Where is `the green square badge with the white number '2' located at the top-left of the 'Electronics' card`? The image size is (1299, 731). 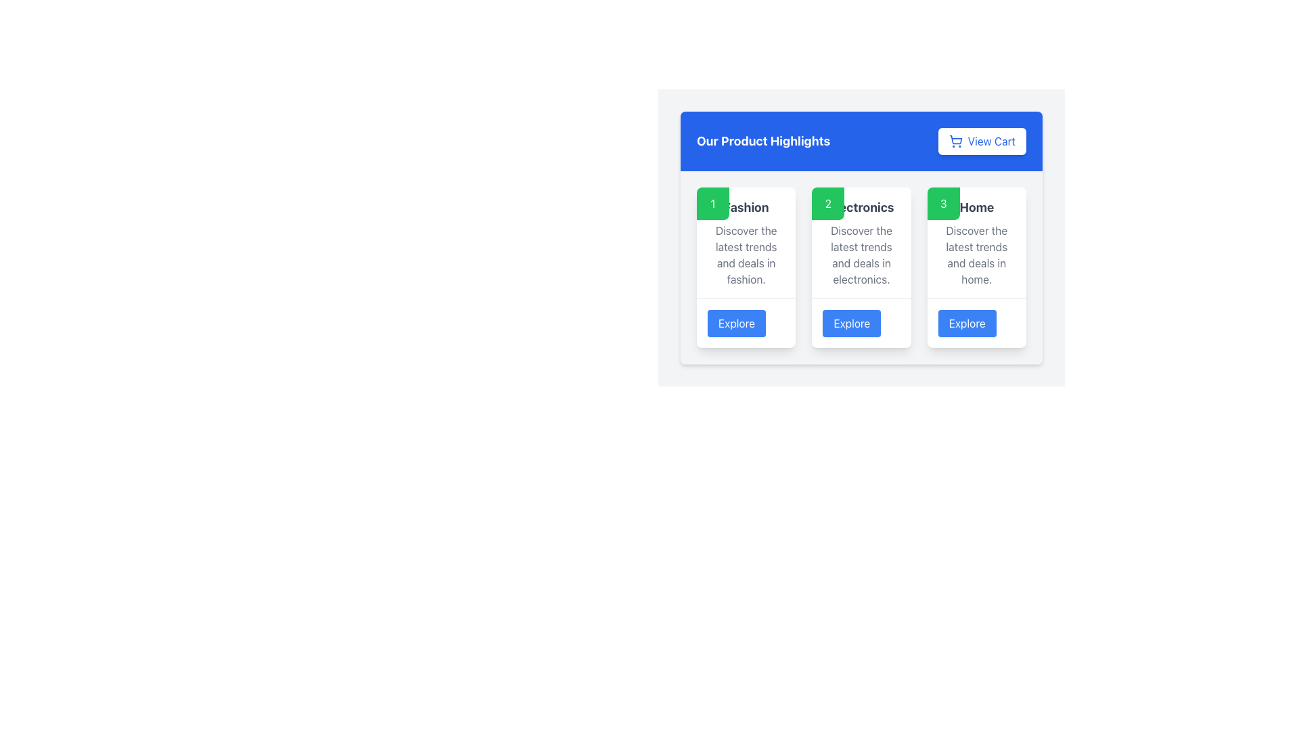 the green square badge with the white number '2' located at the top-left of the 'Electronics' card is located at coordinates (827, 203).